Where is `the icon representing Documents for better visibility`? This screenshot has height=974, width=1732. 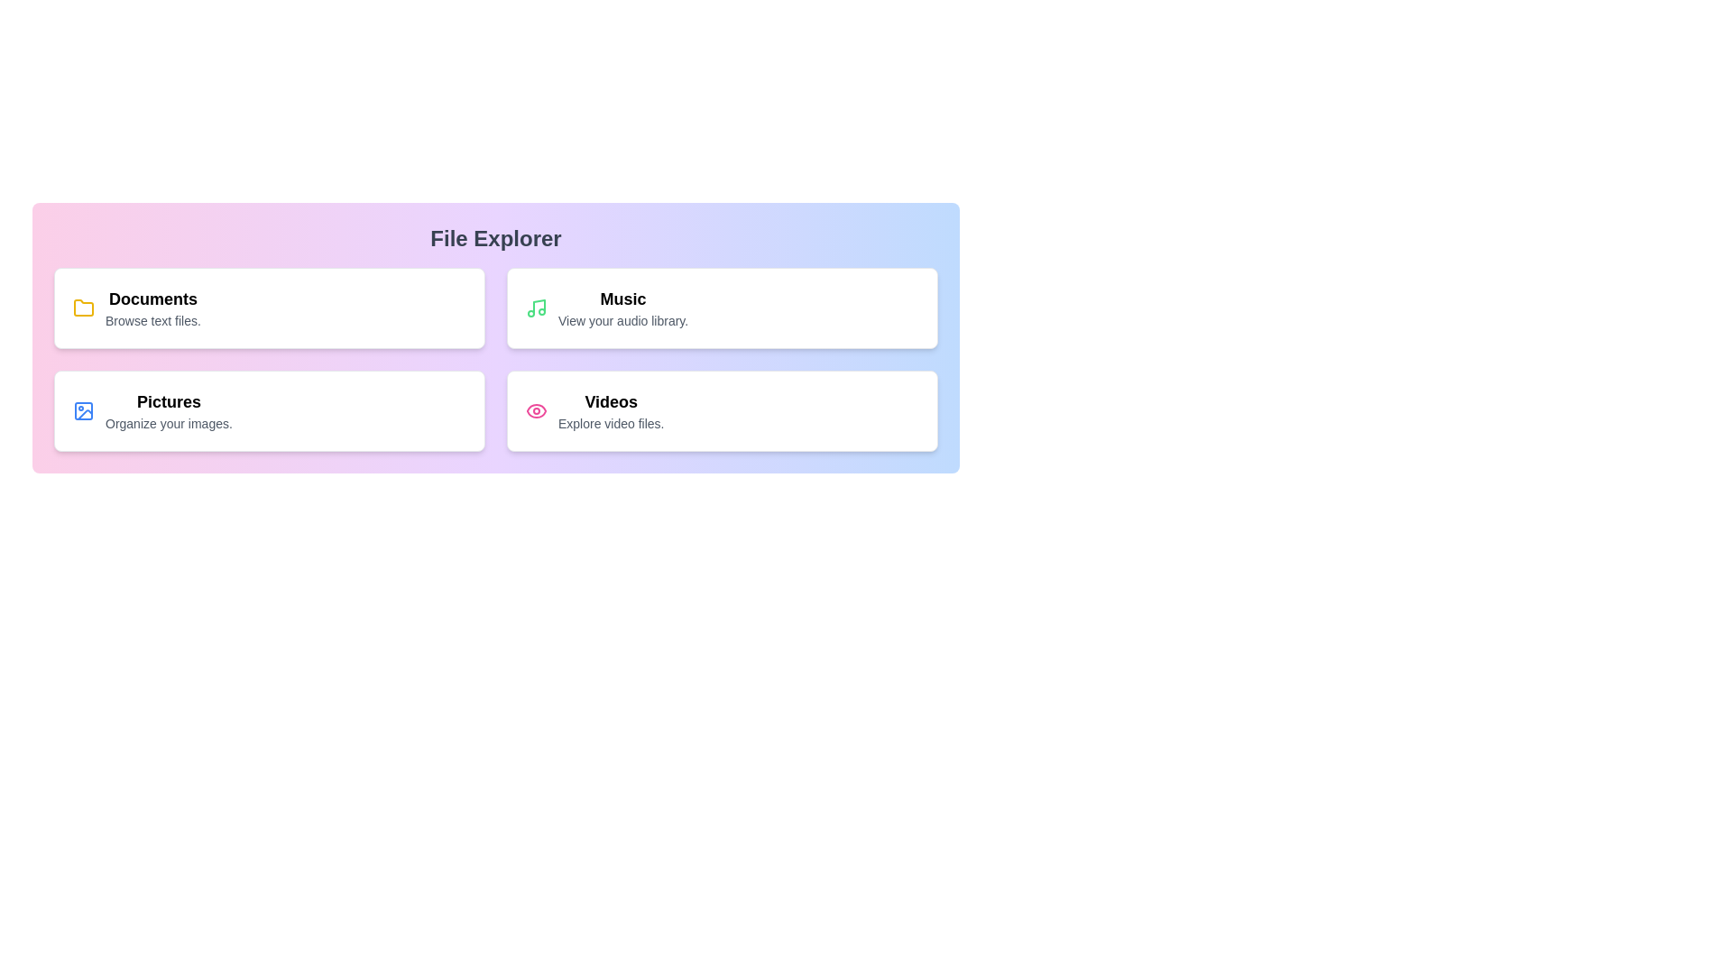
the icon representing Documents for better visibility is located at coordinates (82, 308).